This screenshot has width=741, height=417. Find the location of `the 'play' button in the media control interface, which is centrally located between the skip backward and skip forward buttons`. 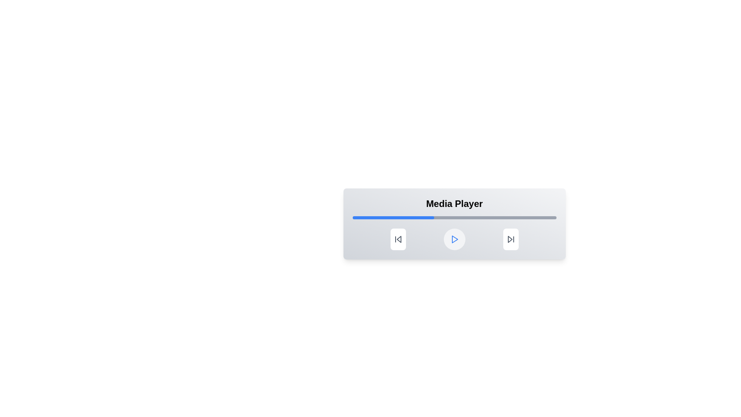

the 'play' button in the media control interface, which is centrally located between the skip backward and skip forward buttons is located at coordinates (454, 239).